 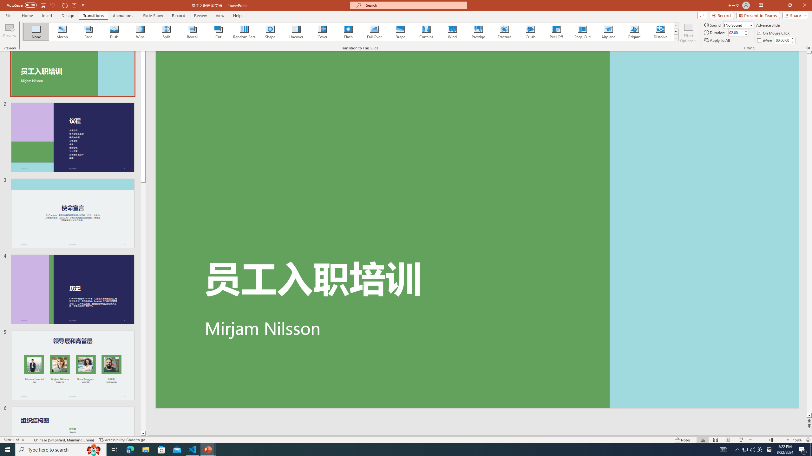 I want to click on 'Zoom 159%', so click(x=798, y=440).